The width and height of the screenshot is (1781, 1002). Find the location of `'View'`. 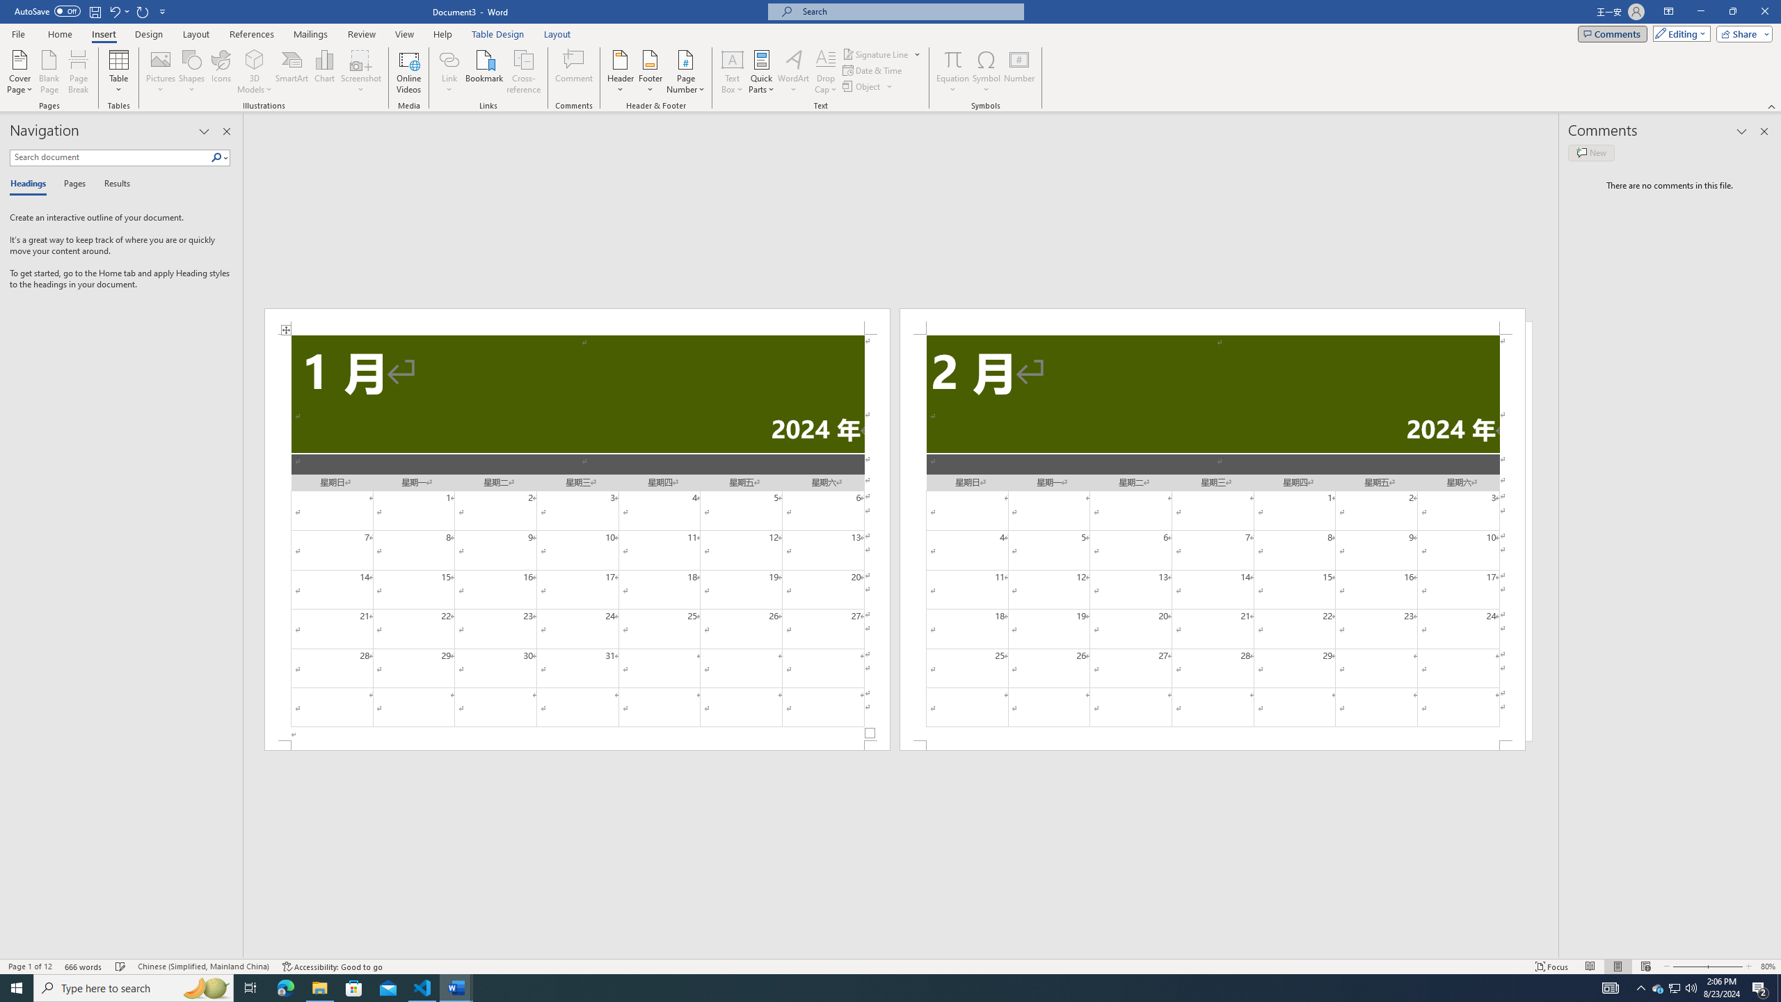

'View' is located at coordinates (405, 34).